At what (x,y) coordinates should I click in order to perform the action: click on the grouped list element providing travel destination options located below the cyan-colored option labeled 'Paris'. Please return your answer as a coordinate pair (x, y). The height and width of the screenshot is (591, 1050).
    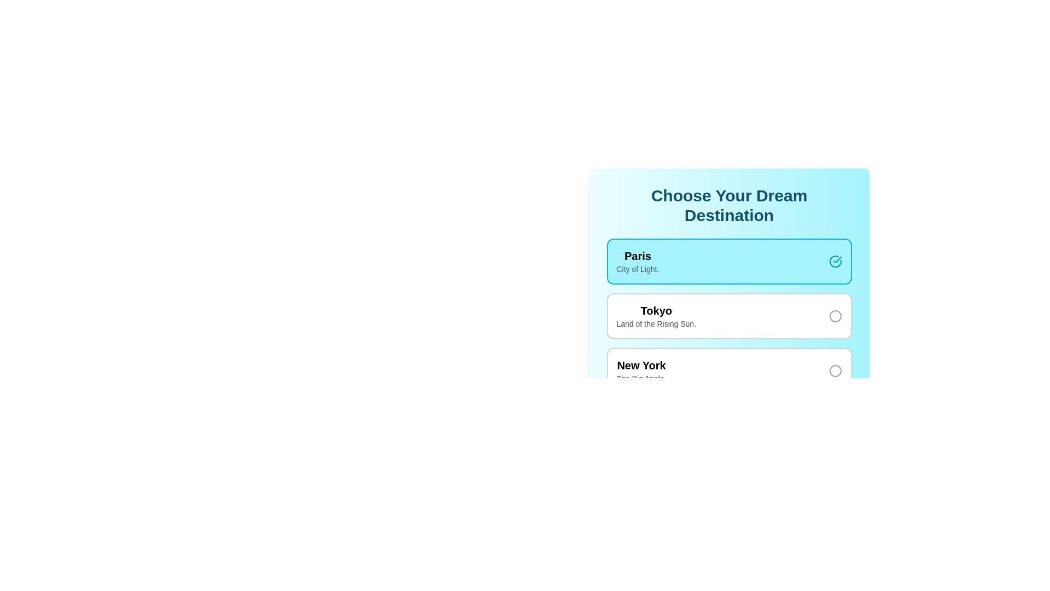
    Looking at the image, I should click on (729, 343).